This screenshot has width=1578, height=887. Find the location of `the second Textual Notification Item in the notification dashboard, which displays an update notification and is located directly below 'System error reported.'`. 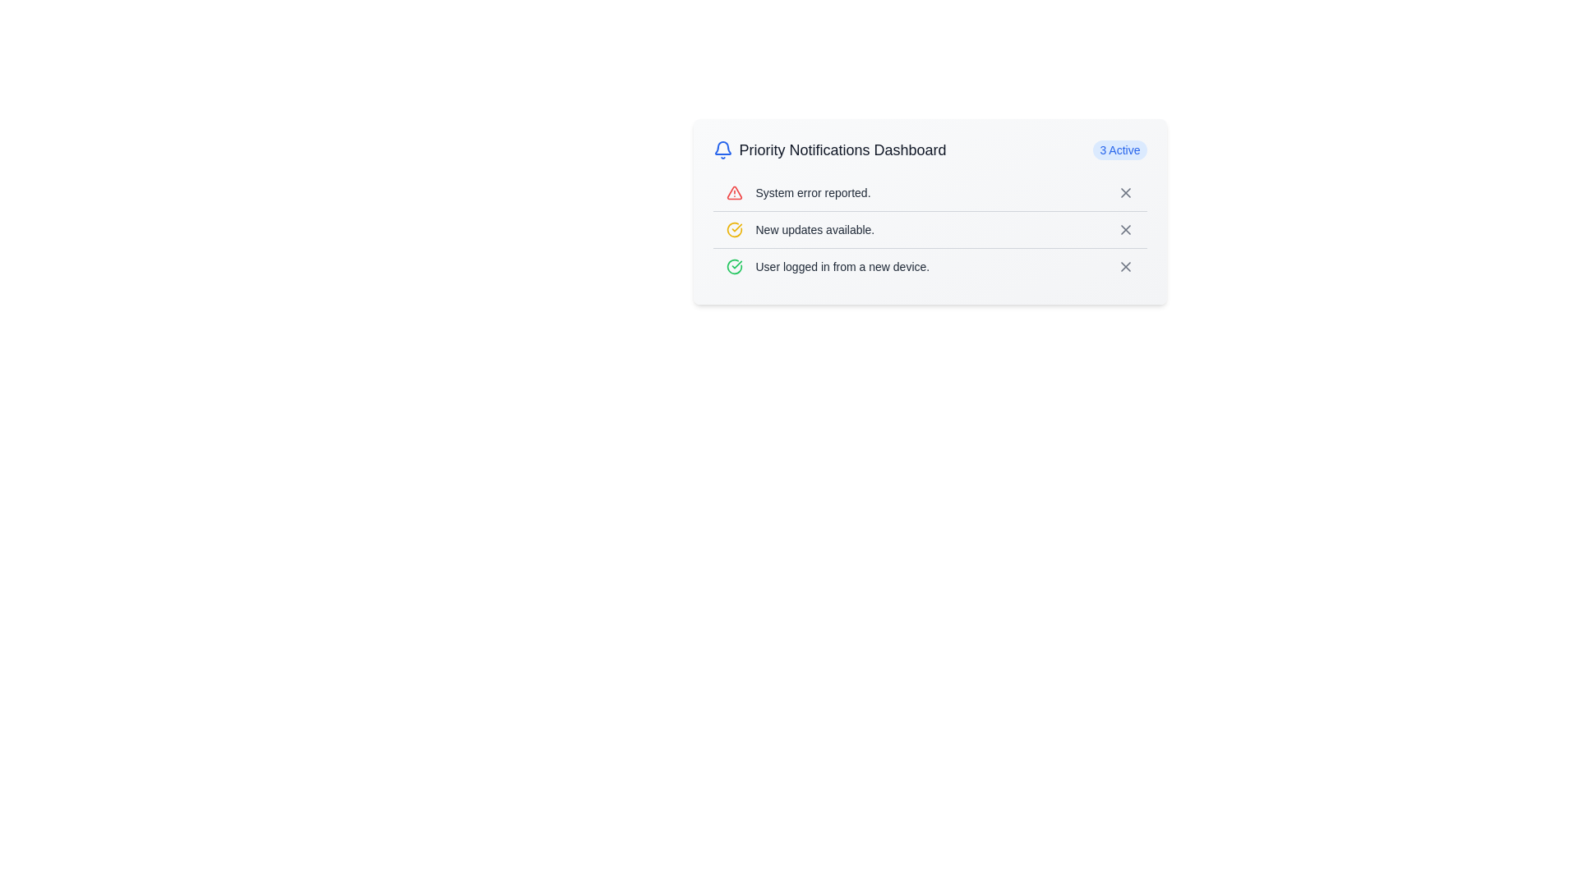

the second Textual Notification Item in the notification dashboard, which displays an update notification and is located directly below 'System error reported.' is located at coordinates (930, 230).